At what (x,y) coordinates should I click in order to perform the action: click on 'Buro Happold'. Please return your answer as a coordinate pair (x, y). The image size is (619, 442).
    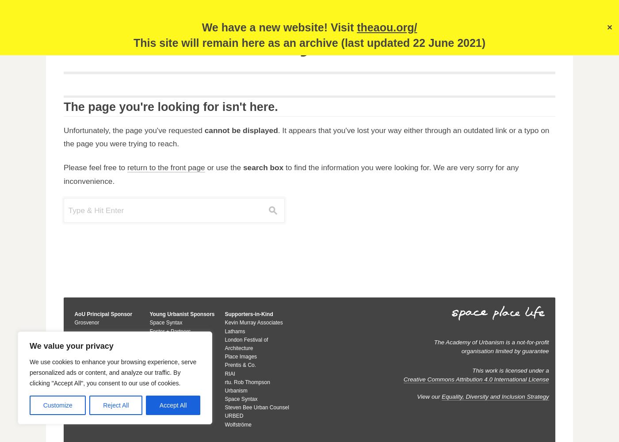
    Looking at the image, I should click on (90, 357).